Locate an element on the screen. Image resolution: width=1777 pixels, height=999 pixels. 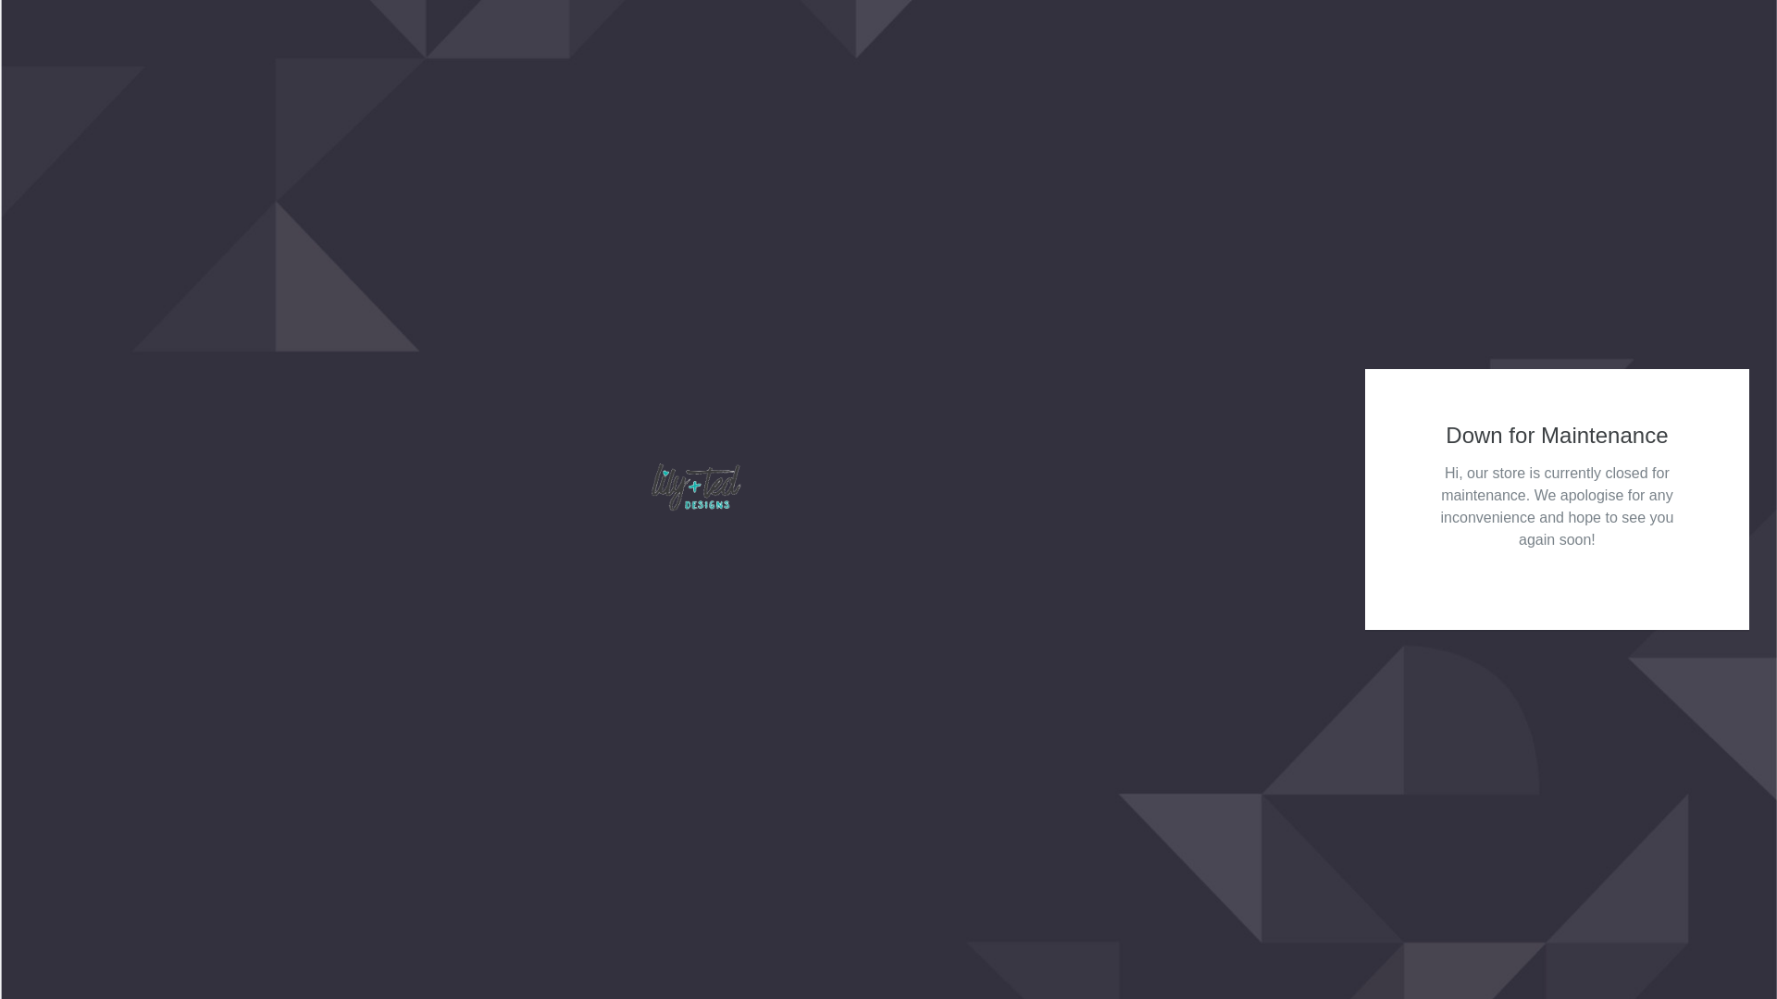
'lily+ted designs' is located at coordinates (695, 485).